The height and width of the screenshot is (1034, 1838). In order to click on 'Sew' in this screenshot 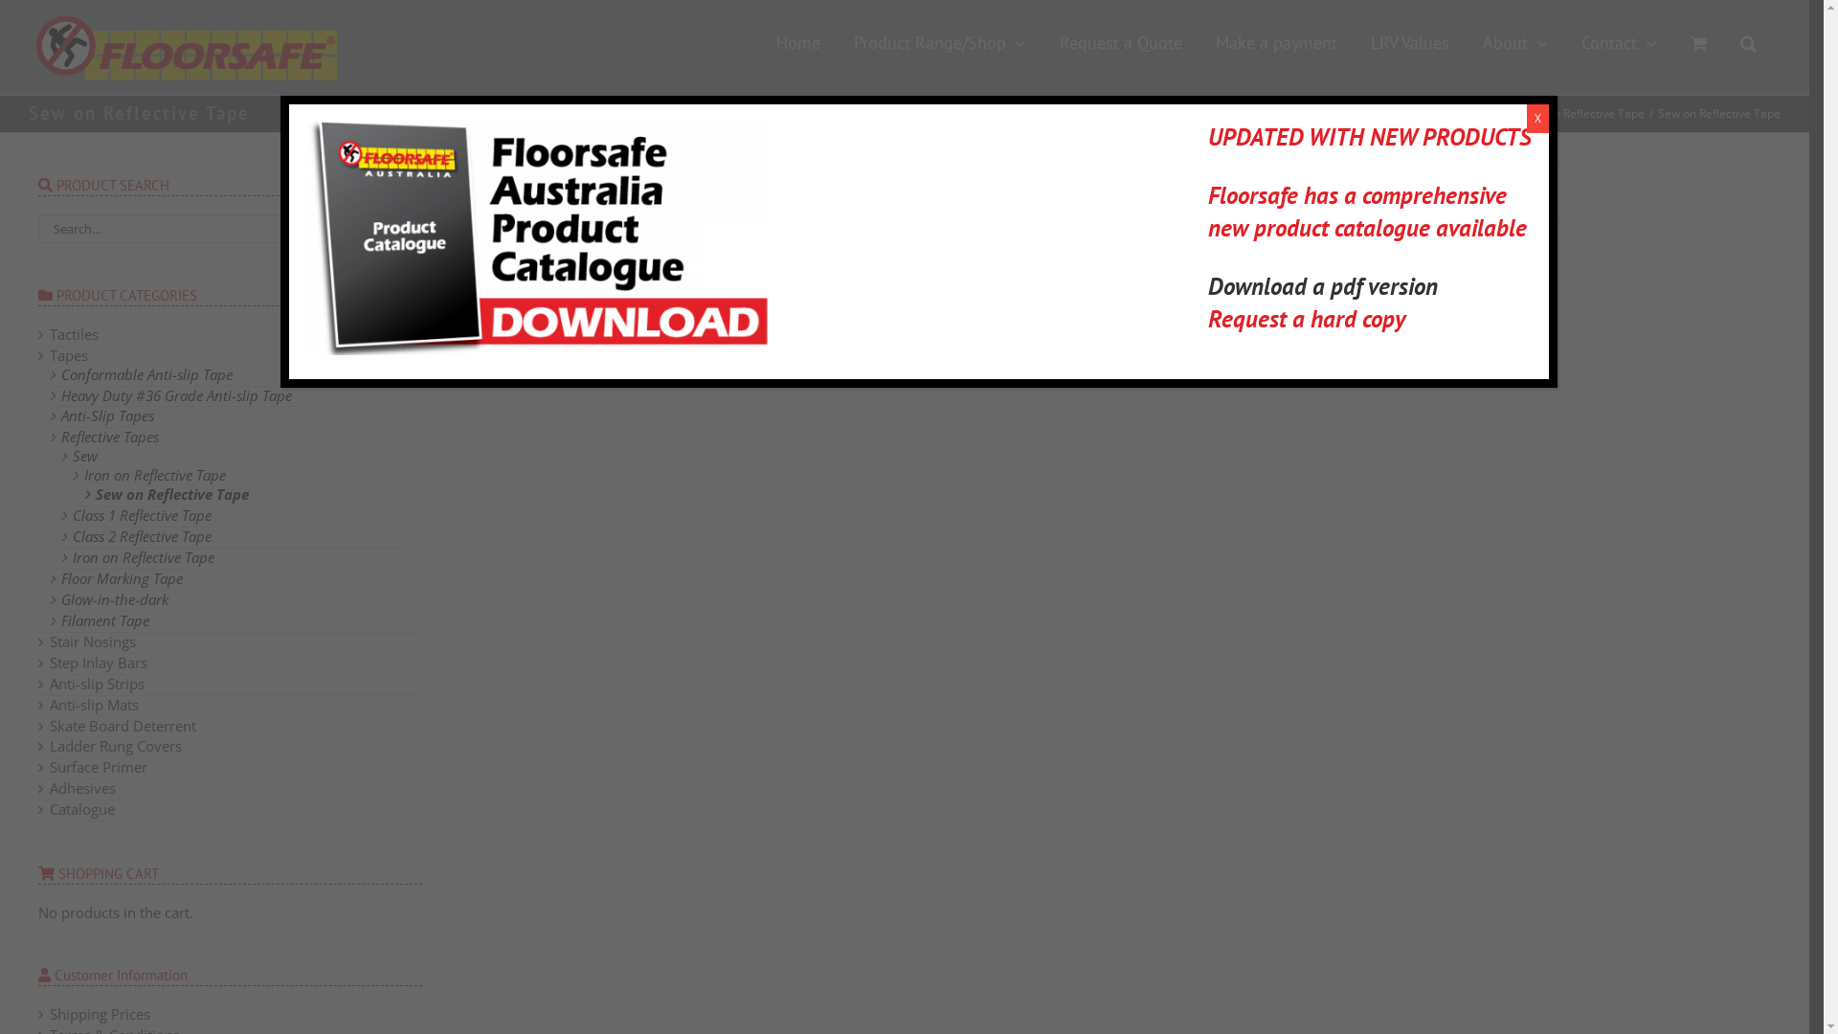, I will do `click(84, 455)`.